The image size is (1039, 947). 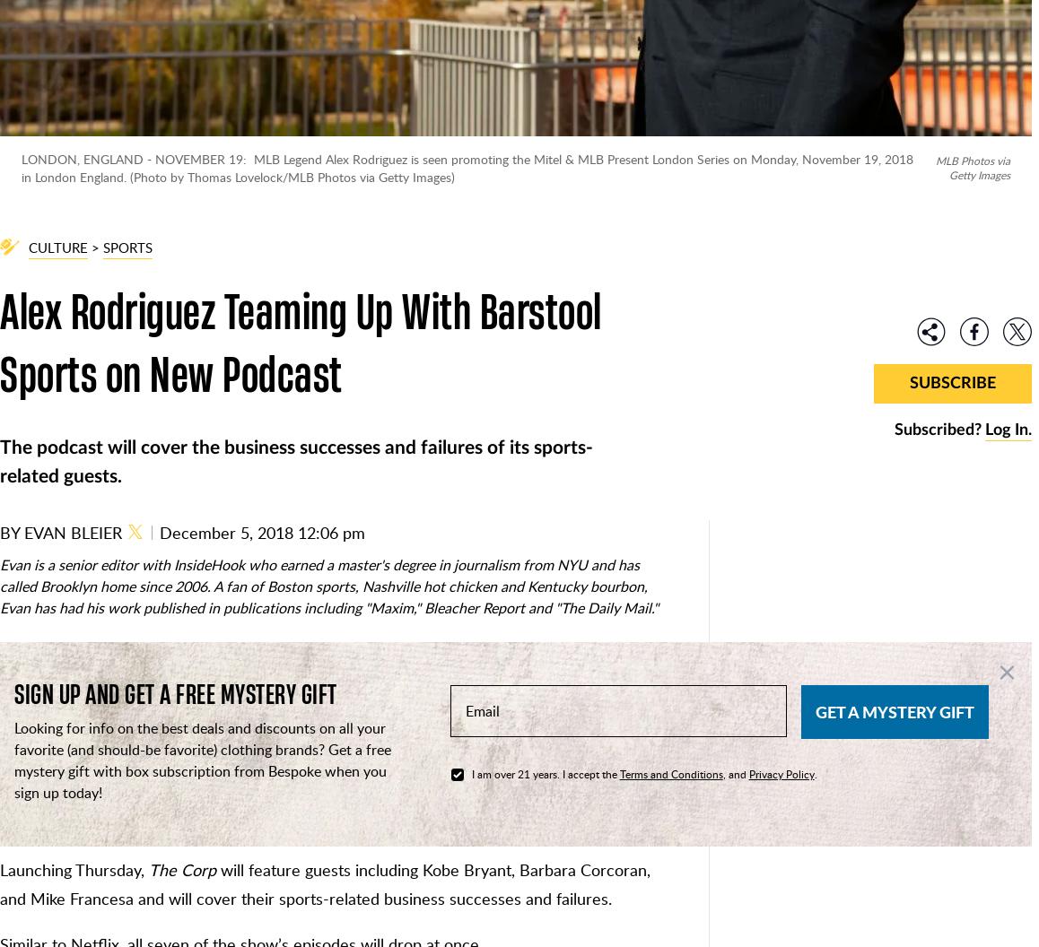 What do you see at coordinates (466, 167) in the screenshot?
I see `'LONDON, ENGLAND - NOVEMBER 19:  MLB Legend Alex Rodriguez is seen promoting the Mitel & MLB Present London Series on Monday, November 19, 2018 in London England. (Photo by Thomas Lovelock/MLB Photos via Getty Images)'` at bounding box center [466, 167].